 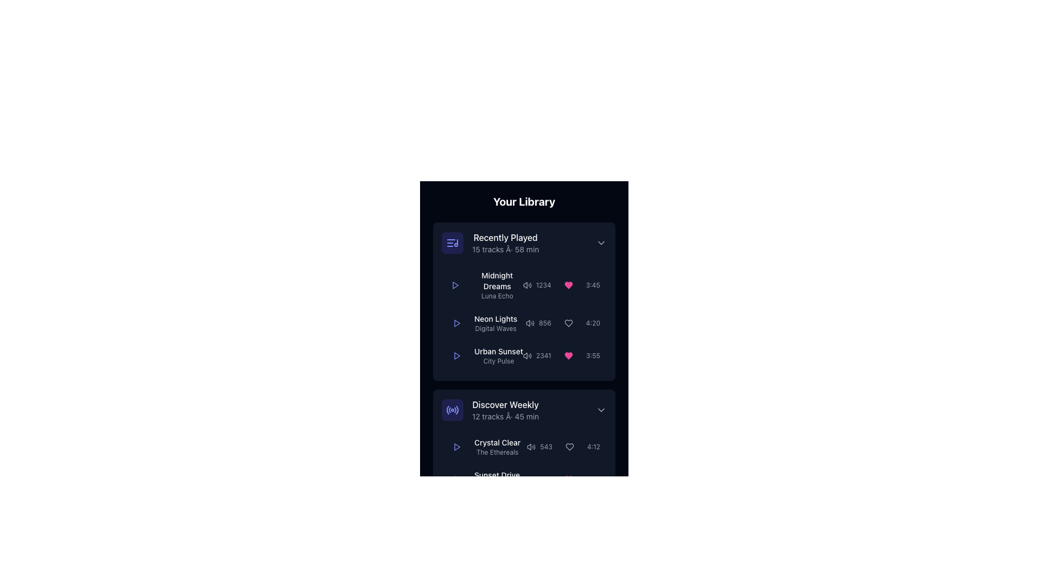 I want to click on the informational text label that identifies the song titled 'Sunset Drive' within the 'Discover Weekly' playlist, so click(x=497, y=474).